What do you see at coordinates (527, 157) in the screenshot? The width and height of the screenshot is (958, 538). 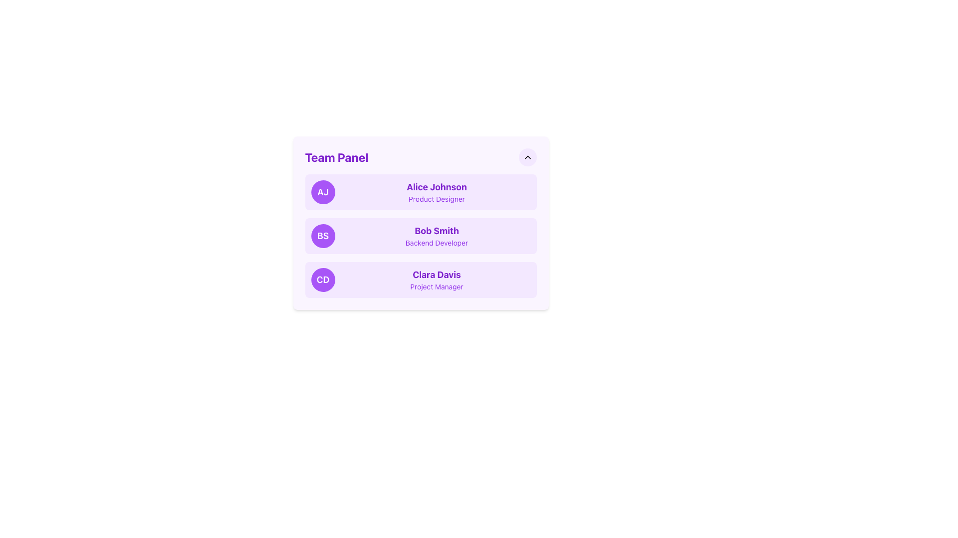 I see `the icon indicating an action such as collapsing or scrolling upwards, located in the upper-right corner of the panel layout` at bounding box center [527, 157].